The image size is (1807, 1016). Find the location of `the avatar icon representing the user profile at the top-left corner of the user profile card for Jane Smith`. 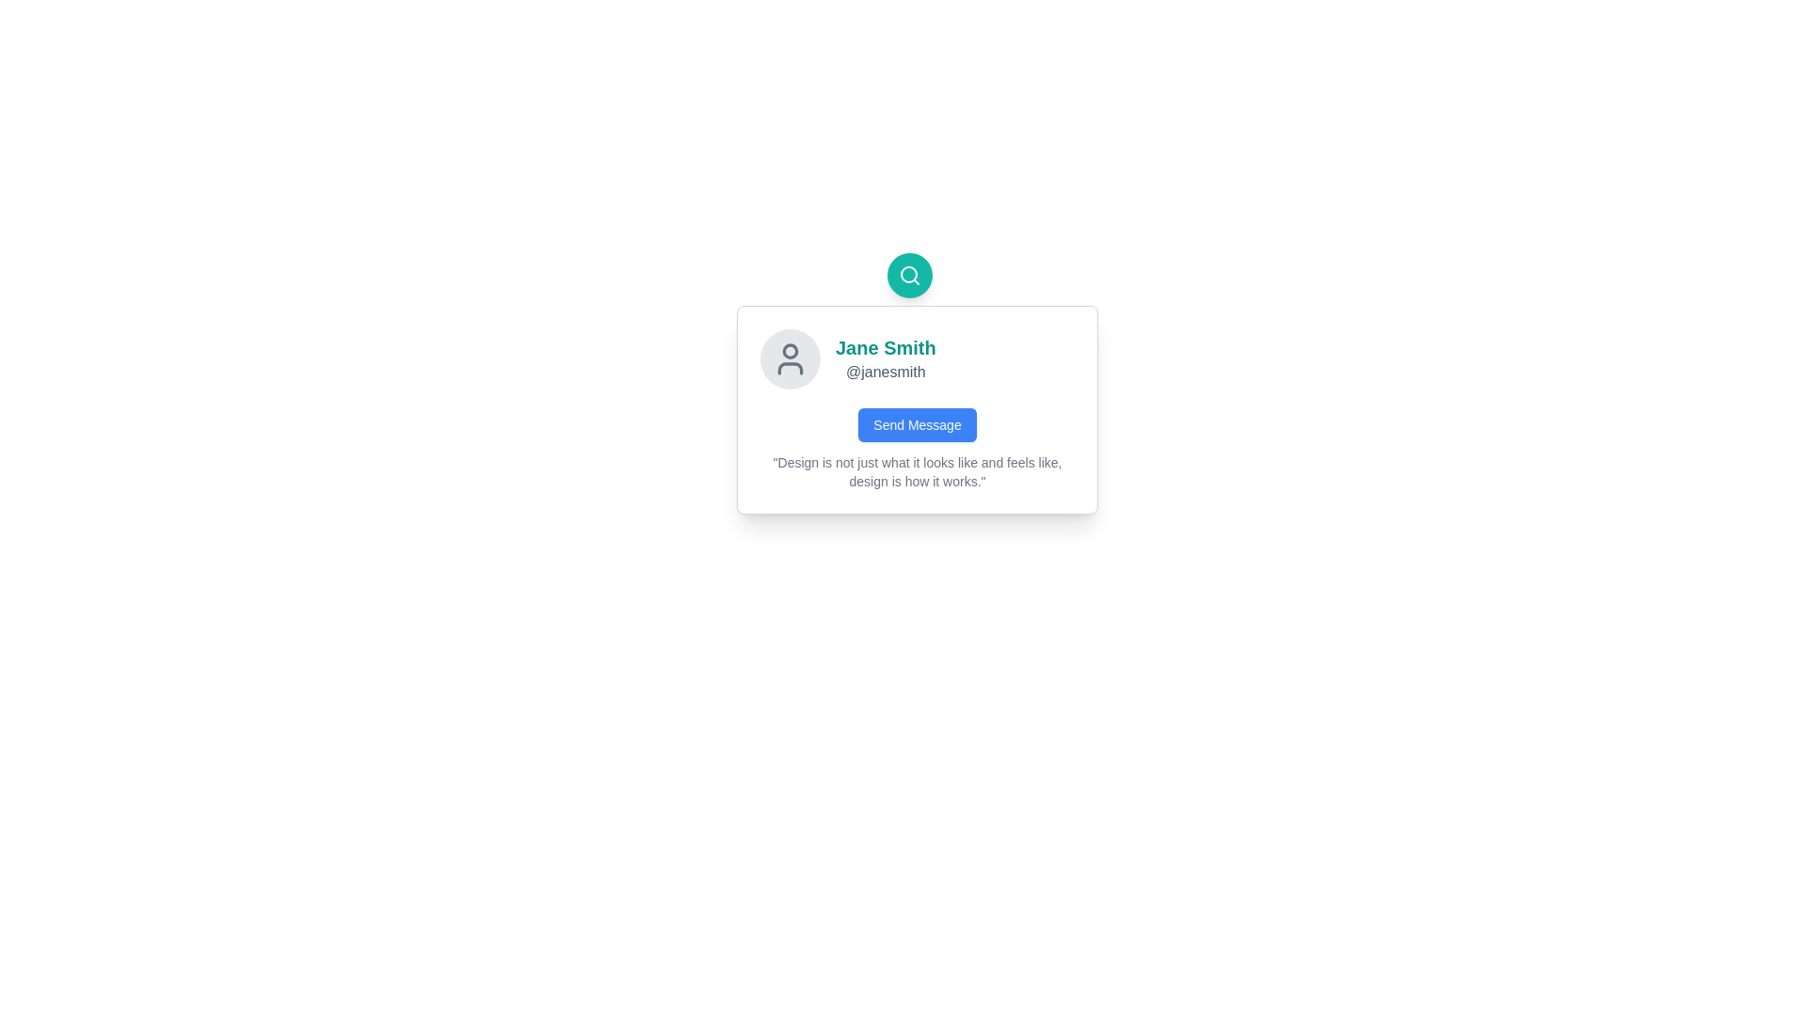

the avatar icon representing the user profile at the top-left corner of the user profile card for Jane Smith is located at coordinates (791, 358).